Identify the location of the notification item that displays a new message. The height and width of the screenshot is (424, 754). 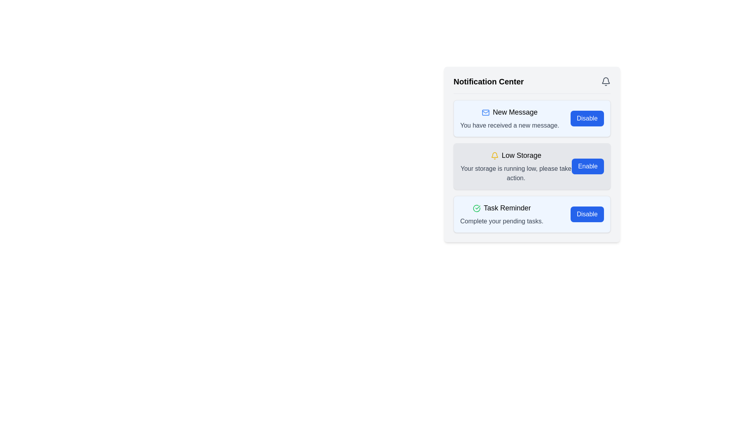
(509, 118).